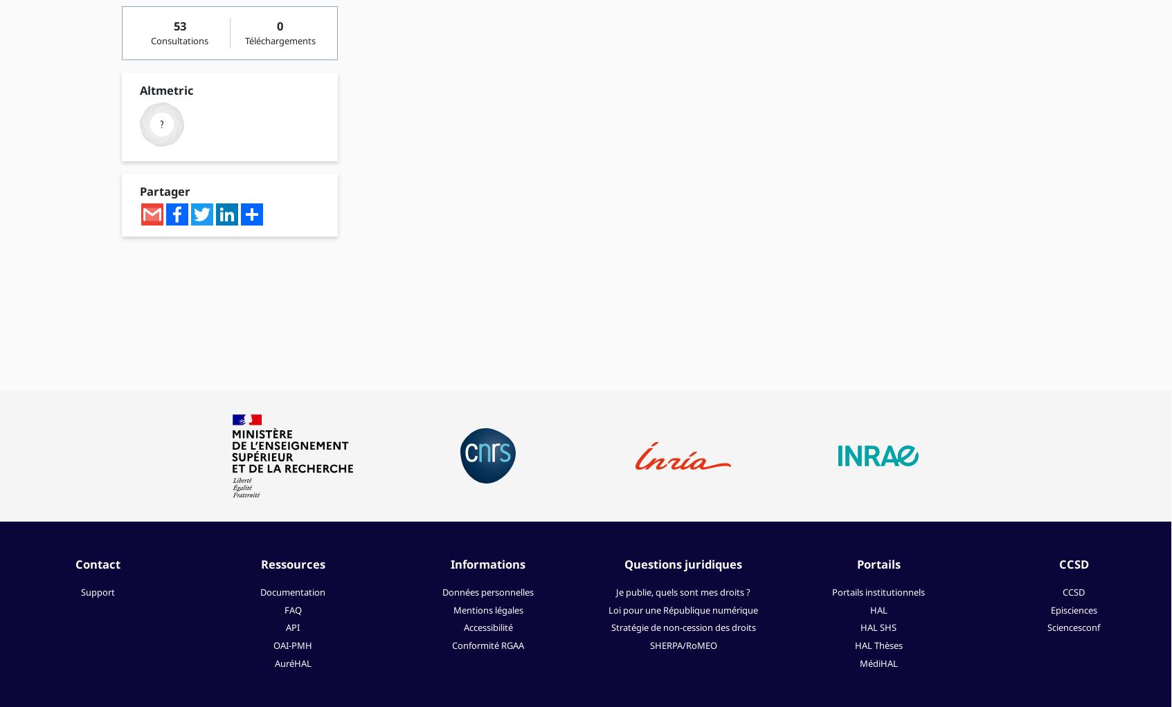 The image size is (1172, 707). What do you see at coordinates (487, 591) in the screenshot?
I see `'Données personnelles'` at bounding box center [487, 591].